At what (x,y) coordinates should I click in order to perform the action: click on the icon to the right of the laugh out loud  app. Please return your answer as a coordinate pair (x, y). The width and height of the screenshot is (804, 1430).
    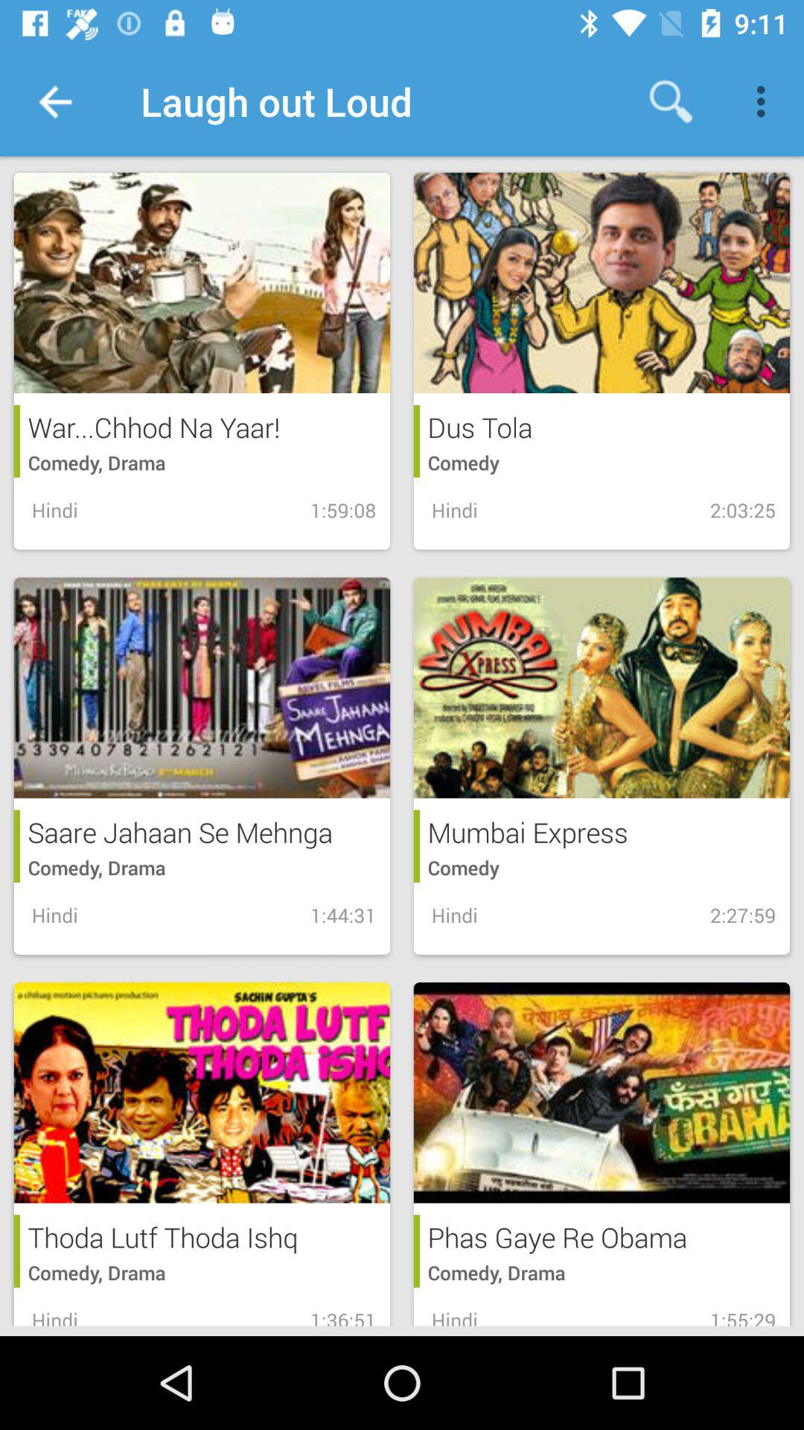
    Looking at the image, I should click on (671, 101).